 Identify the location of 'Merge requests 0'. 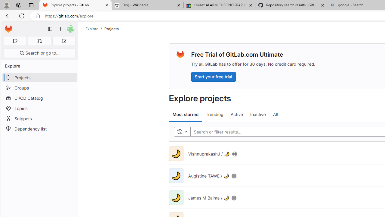
(39, 41).